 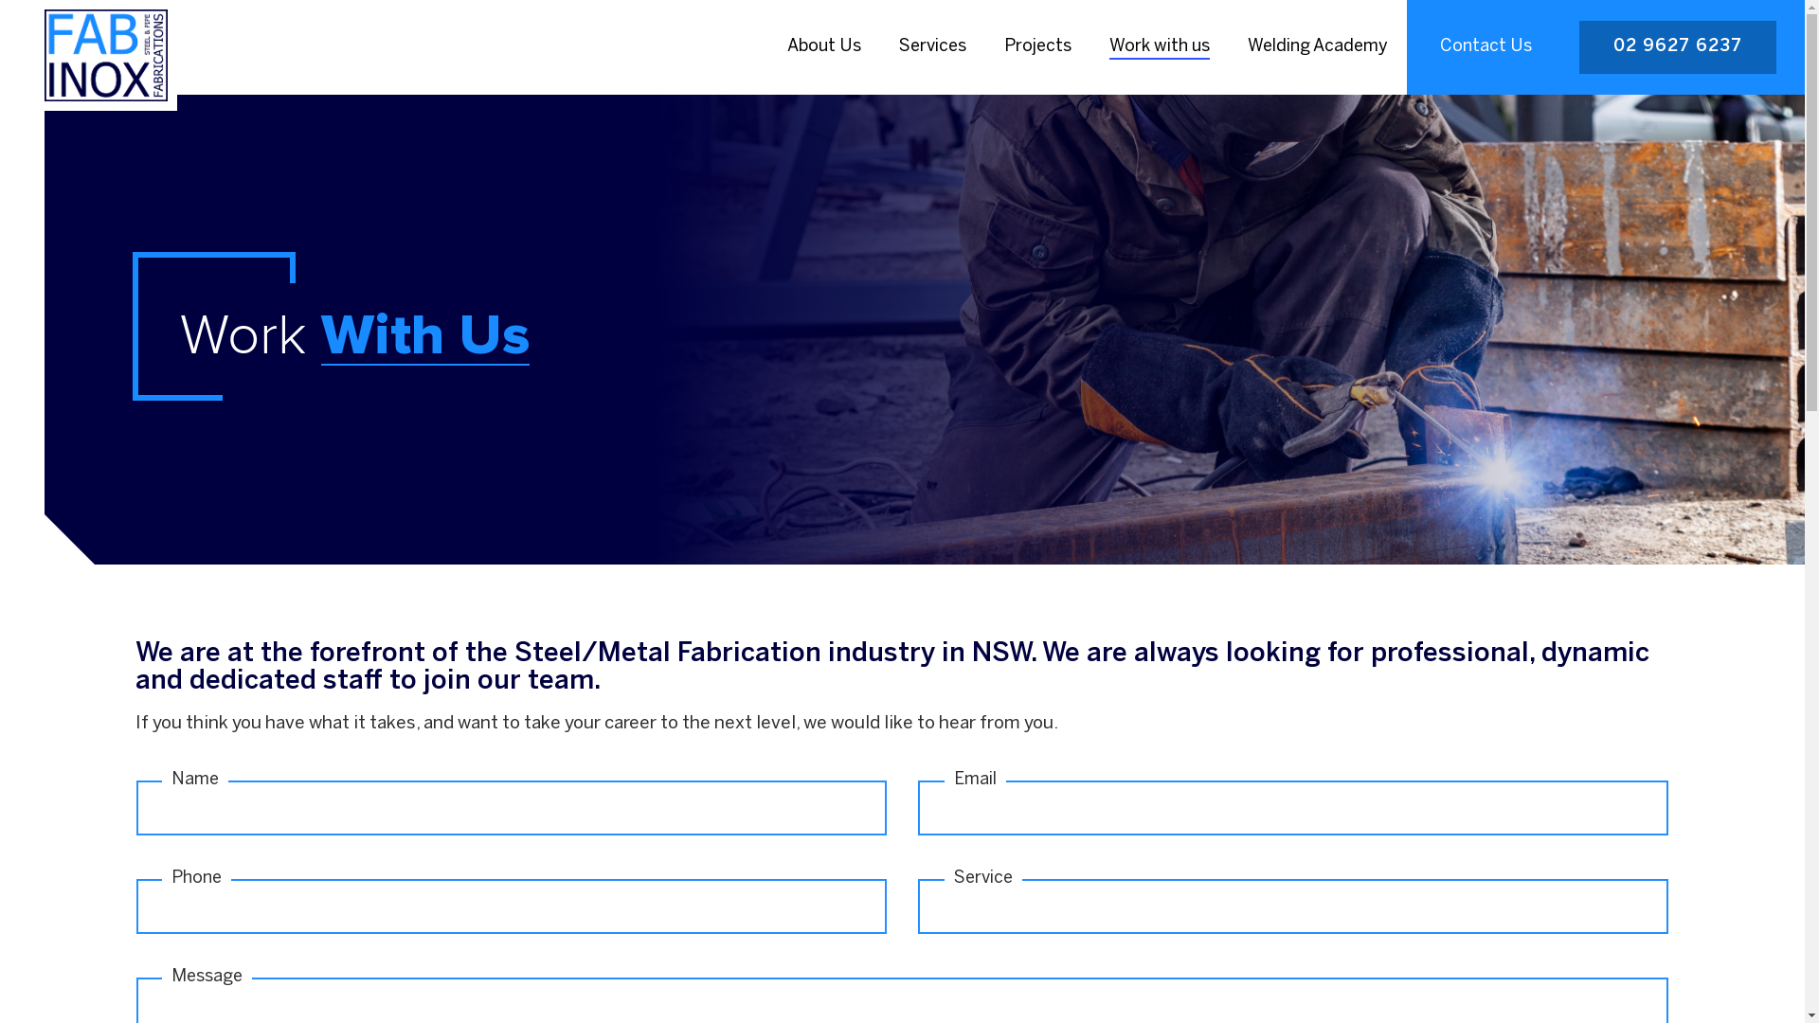 What do you see at coordinates (932, 46) in the screenshot?
I see `'Services'` at bounding box center [932, 46].